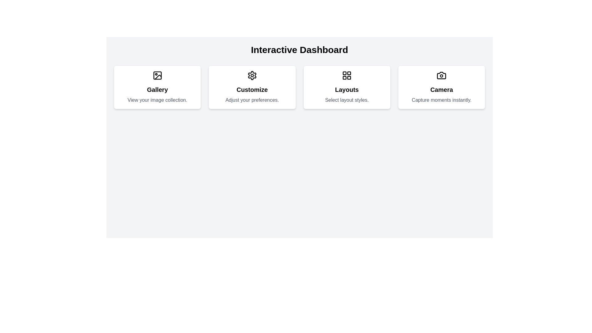 The image size is (592, 333). Describe the element at coordinates (344, 73) in the screenshot. I see `the top-left rectangle of the grid icon within the 'Layouts' button, which represents grid-based layouts` at that location.